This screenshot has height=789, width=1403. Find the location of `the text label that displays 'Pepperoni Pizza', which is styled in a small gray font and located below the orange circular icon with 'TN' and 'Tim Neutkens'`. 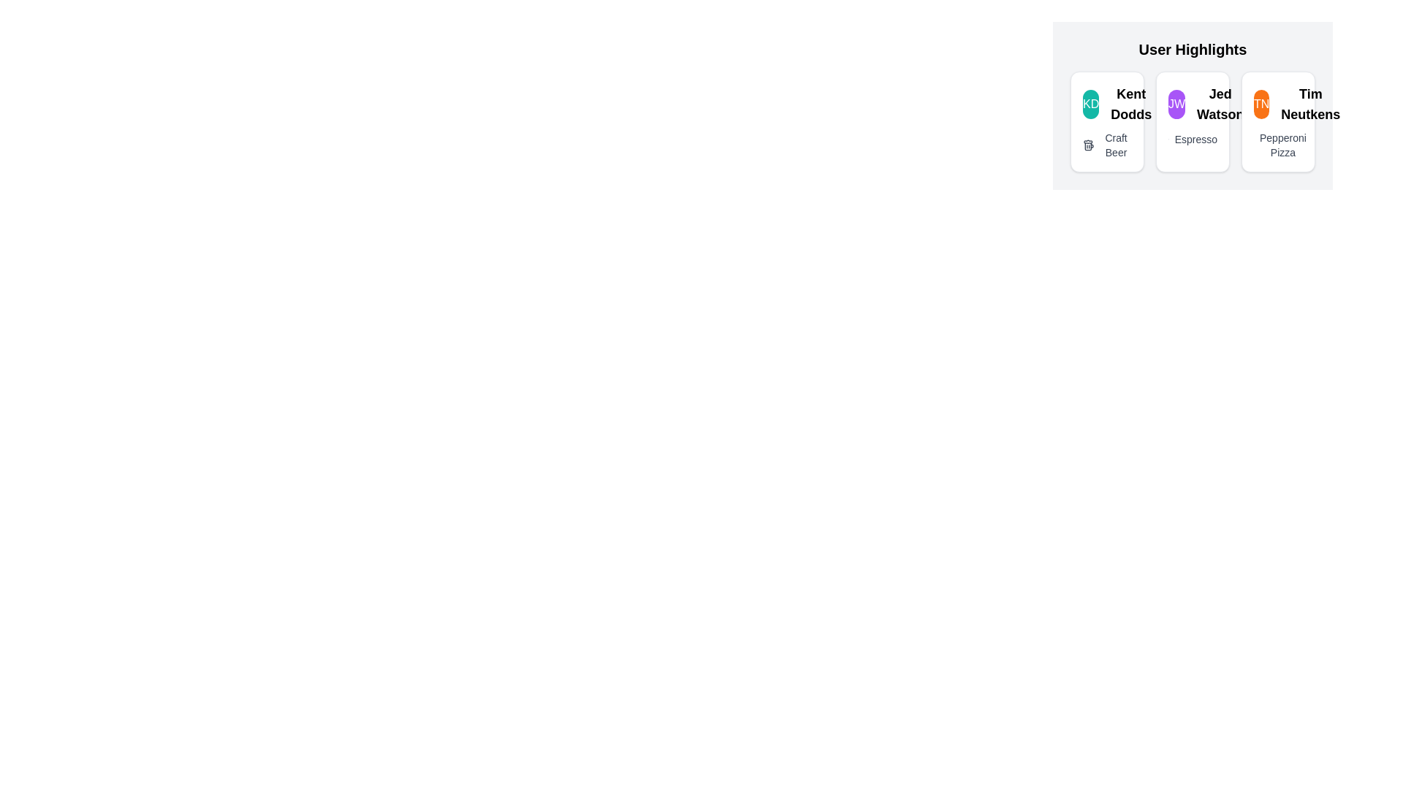

the text label that displays 'Pepperoni Pizza', which is styled in a small gray font and located below the orange circular icon with 'TN' and 'Tim Neutkens' is located at coordinates (1277, 145).